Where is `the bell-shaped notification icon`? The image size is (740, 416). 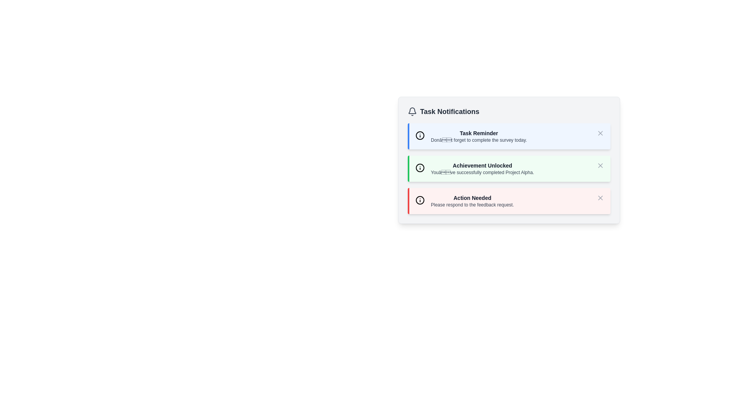
the bell-shaped notification icon is located at coordinates (412, 110).